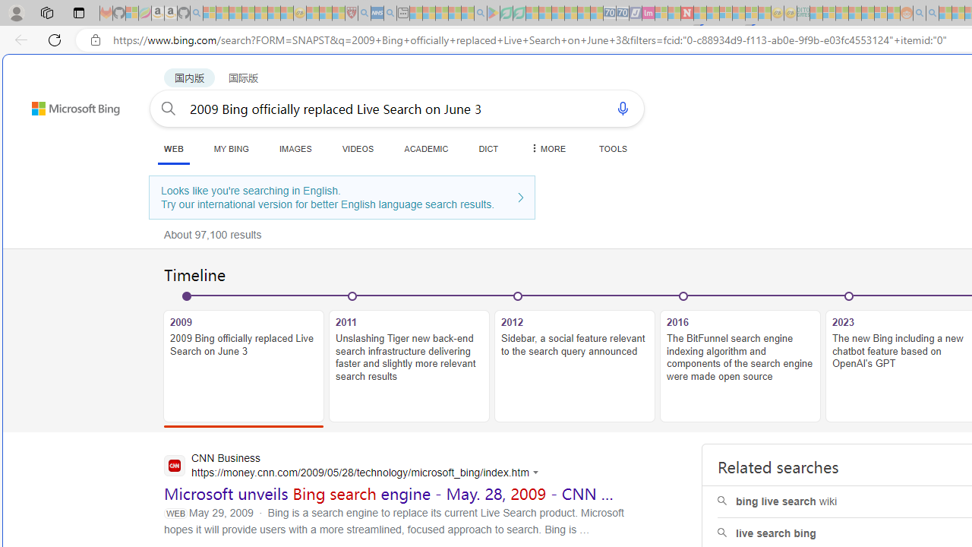 This screenshot has width=972, height=547. I want to click on 'ACADEMIC', so click(425, 148).